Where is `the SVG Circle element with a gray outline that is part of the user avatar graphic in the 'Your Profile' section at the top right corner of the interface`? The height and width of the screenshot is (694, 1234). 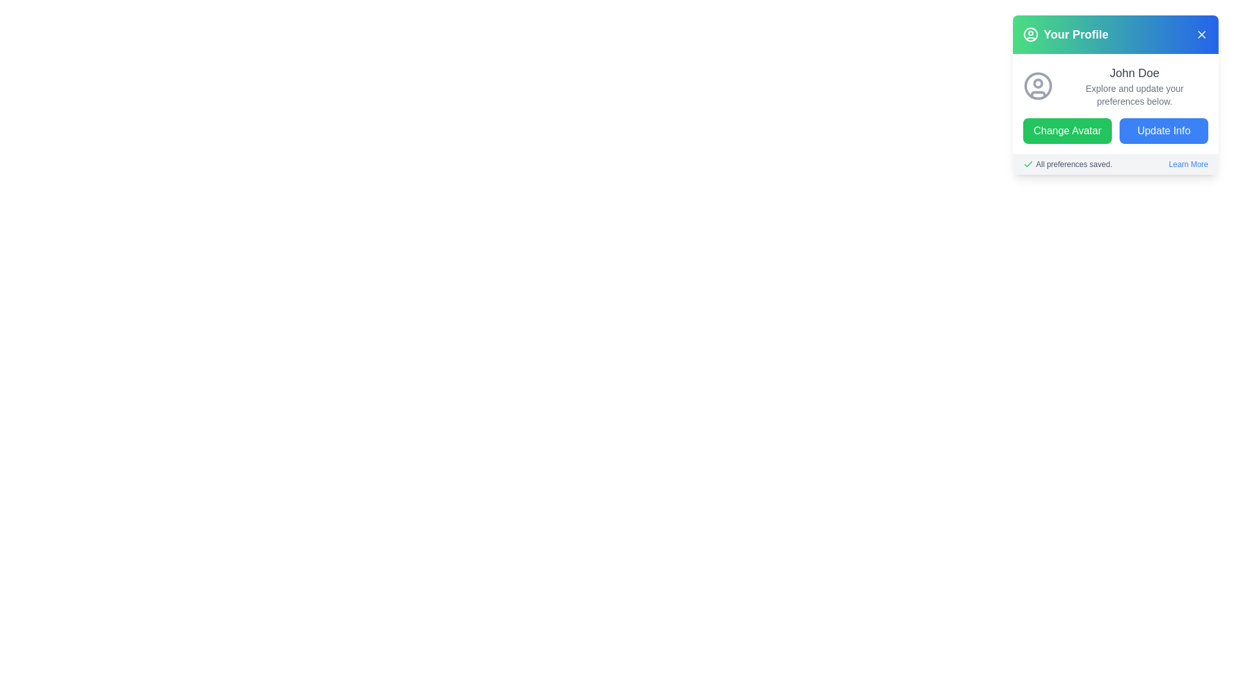
the SVG Circle element with a gray outline that is part of the user avatar graphic in the 'Your Profile' section at the top right corner of the interface is located at coordinates (1038, 86).